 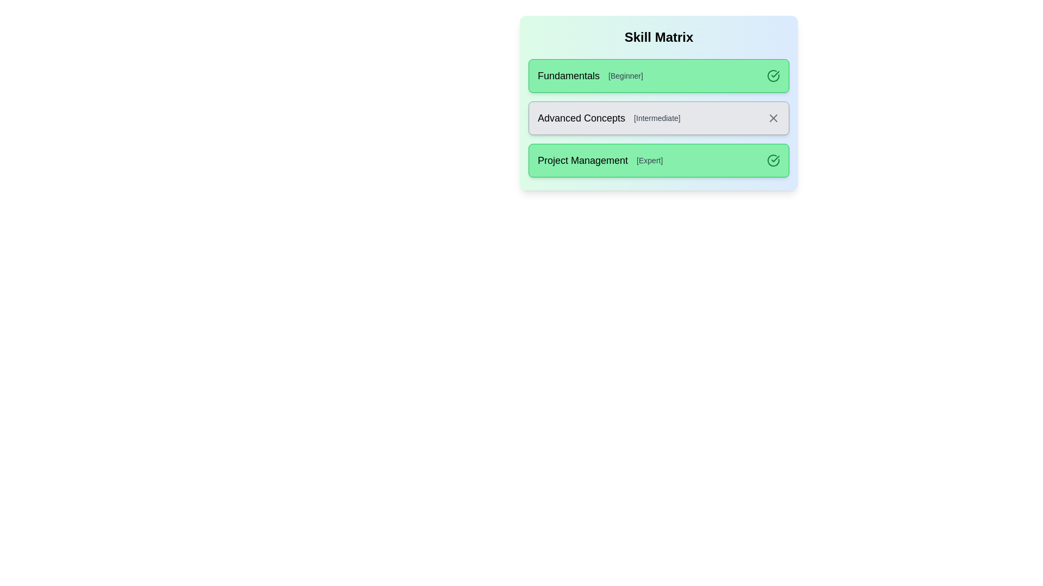 What do you see at coordinates (658, 75) in the screenshot?
I see `the skill entry to read its details` at bounding box center [658, 75].